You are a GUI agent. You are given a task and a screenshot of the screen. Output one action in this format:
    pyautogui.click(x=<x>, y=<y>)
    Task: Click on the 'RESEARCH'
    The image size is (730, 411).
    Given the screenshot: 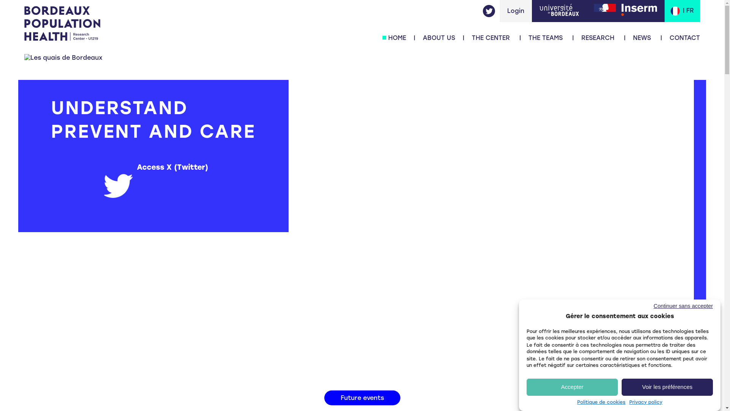 What is the action you would take?
    pyautogui.click(x=597, y=38)
    